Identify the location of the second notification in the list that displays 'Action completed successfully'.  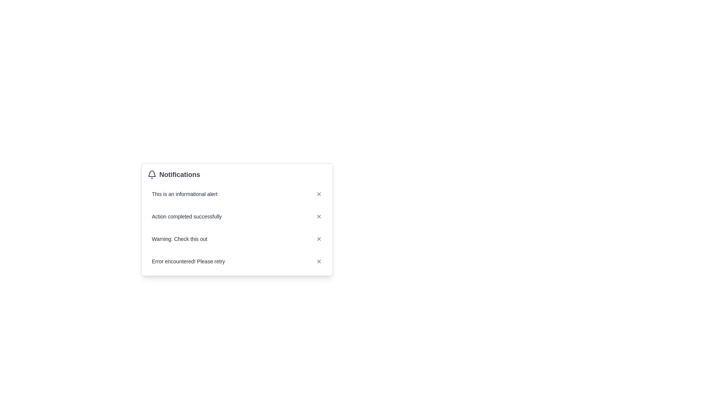
(236, 227).